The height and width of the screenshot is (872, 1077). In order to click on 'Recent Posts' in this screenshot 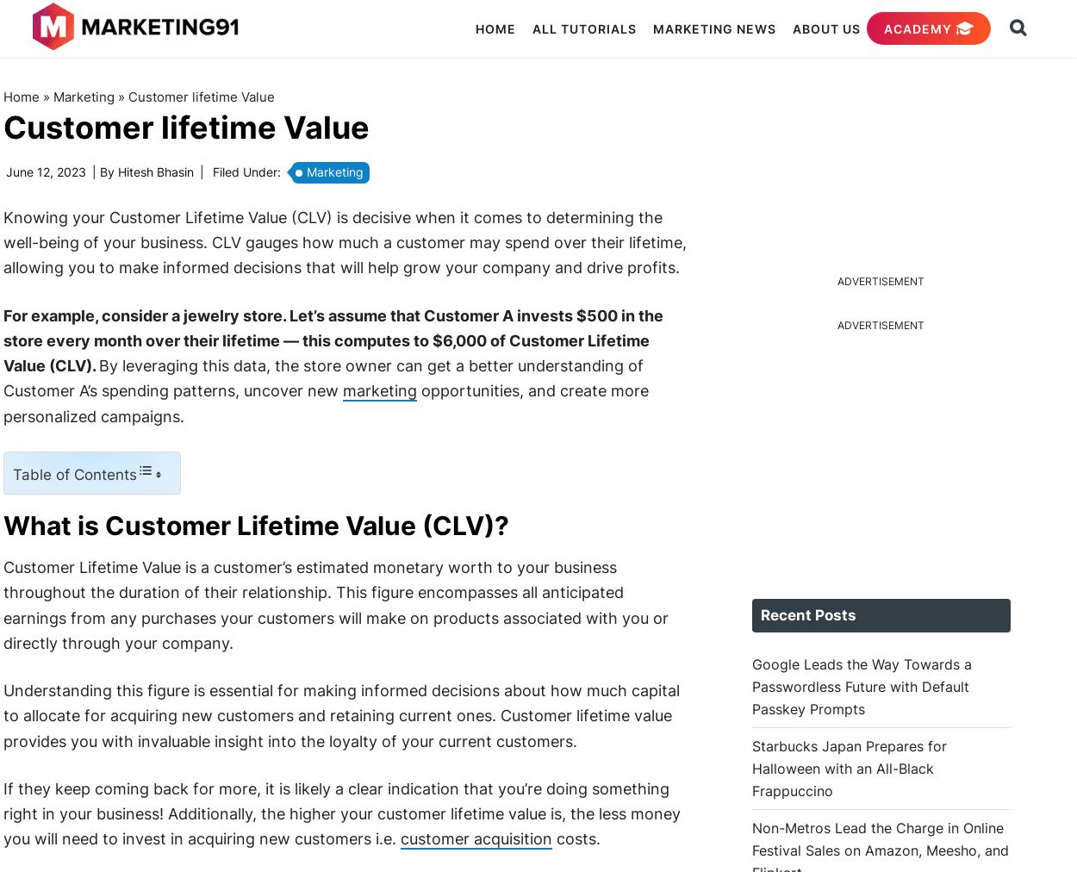, I will do `click(807, 614)`.